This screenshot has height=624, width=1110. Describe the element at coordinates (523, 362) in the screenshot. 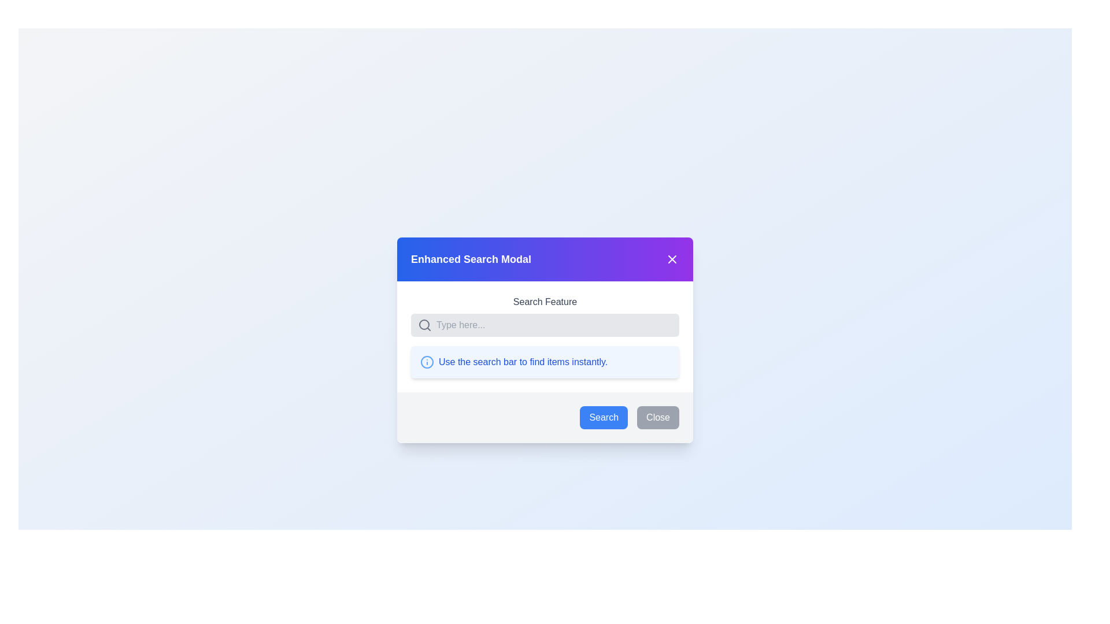

I see `the guidance note text element styled in blue that reads 'Use the search bar to find items instantly.' located towards the lower half of the modal window` at that location.